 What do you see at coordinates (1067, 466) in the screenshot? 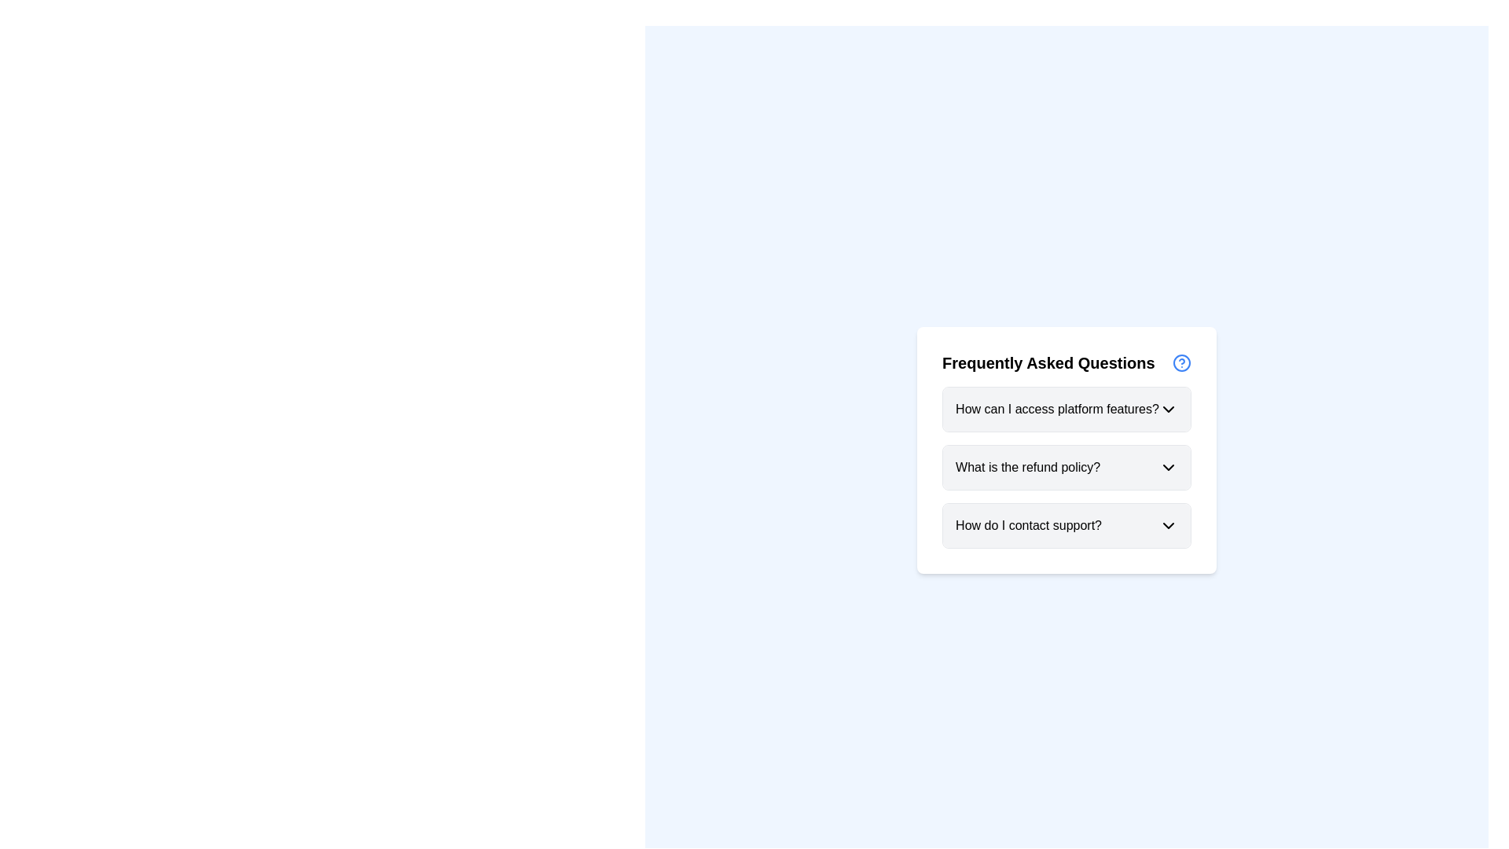
I see `the collapsible list item element labeled 'What is the refund policy?' in the 'Frequently Asked Questions' section` at bounding box center [1067, 466].